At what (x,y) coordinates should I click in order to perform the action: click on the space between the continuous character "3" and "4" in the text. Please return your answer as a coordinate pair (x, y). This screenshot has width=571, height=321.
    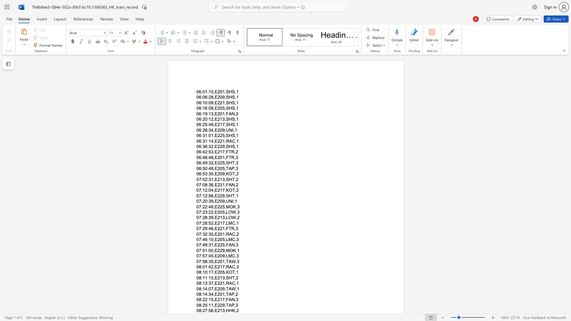
    Looking at the image, I should click on (211, 130).